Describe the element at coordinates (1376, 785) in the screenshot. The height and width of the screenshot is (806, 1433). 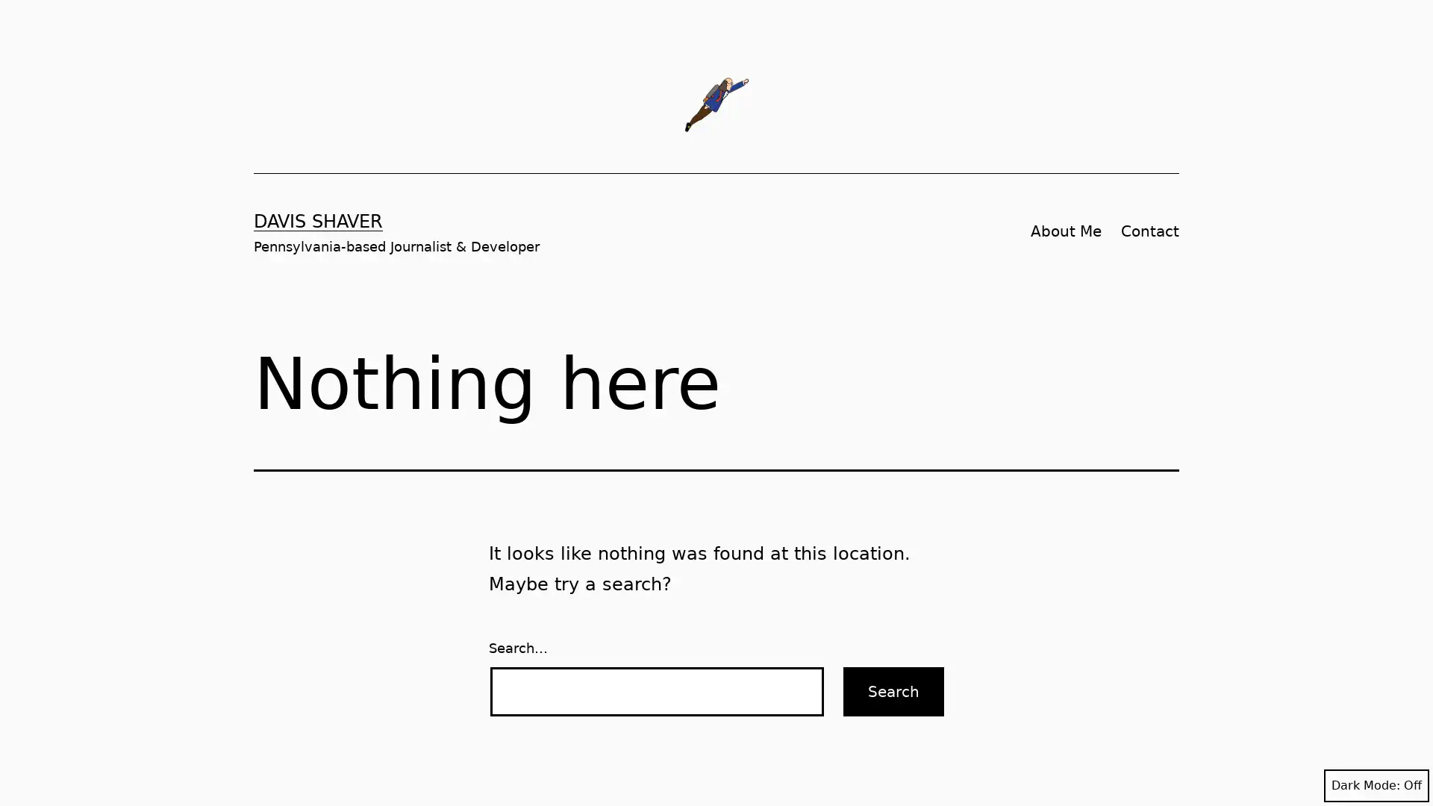
I see `Dark Mode:` at that location.